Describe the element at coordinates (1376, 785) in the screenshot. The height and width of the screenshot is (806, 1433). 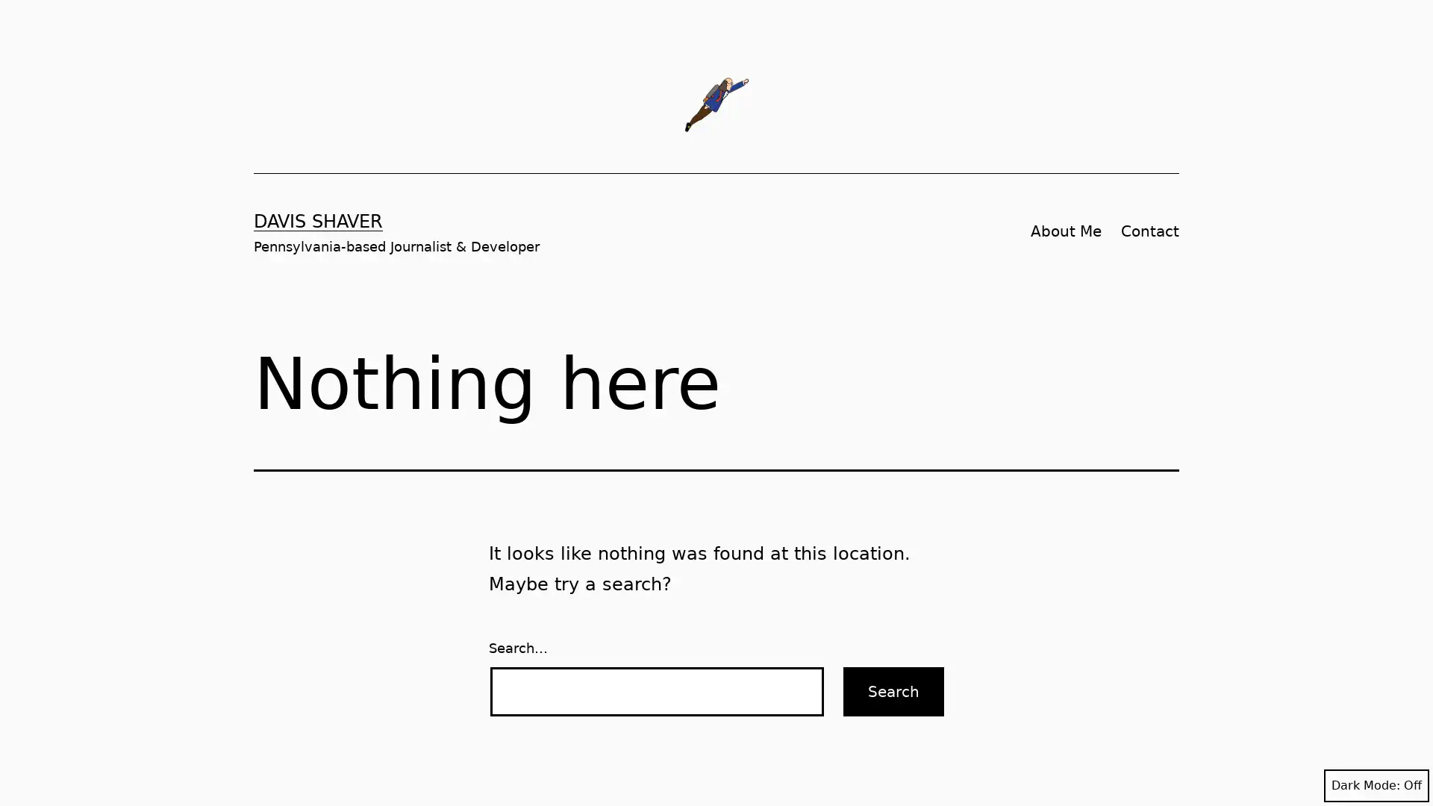
I see `Dark Mode:` at that location.